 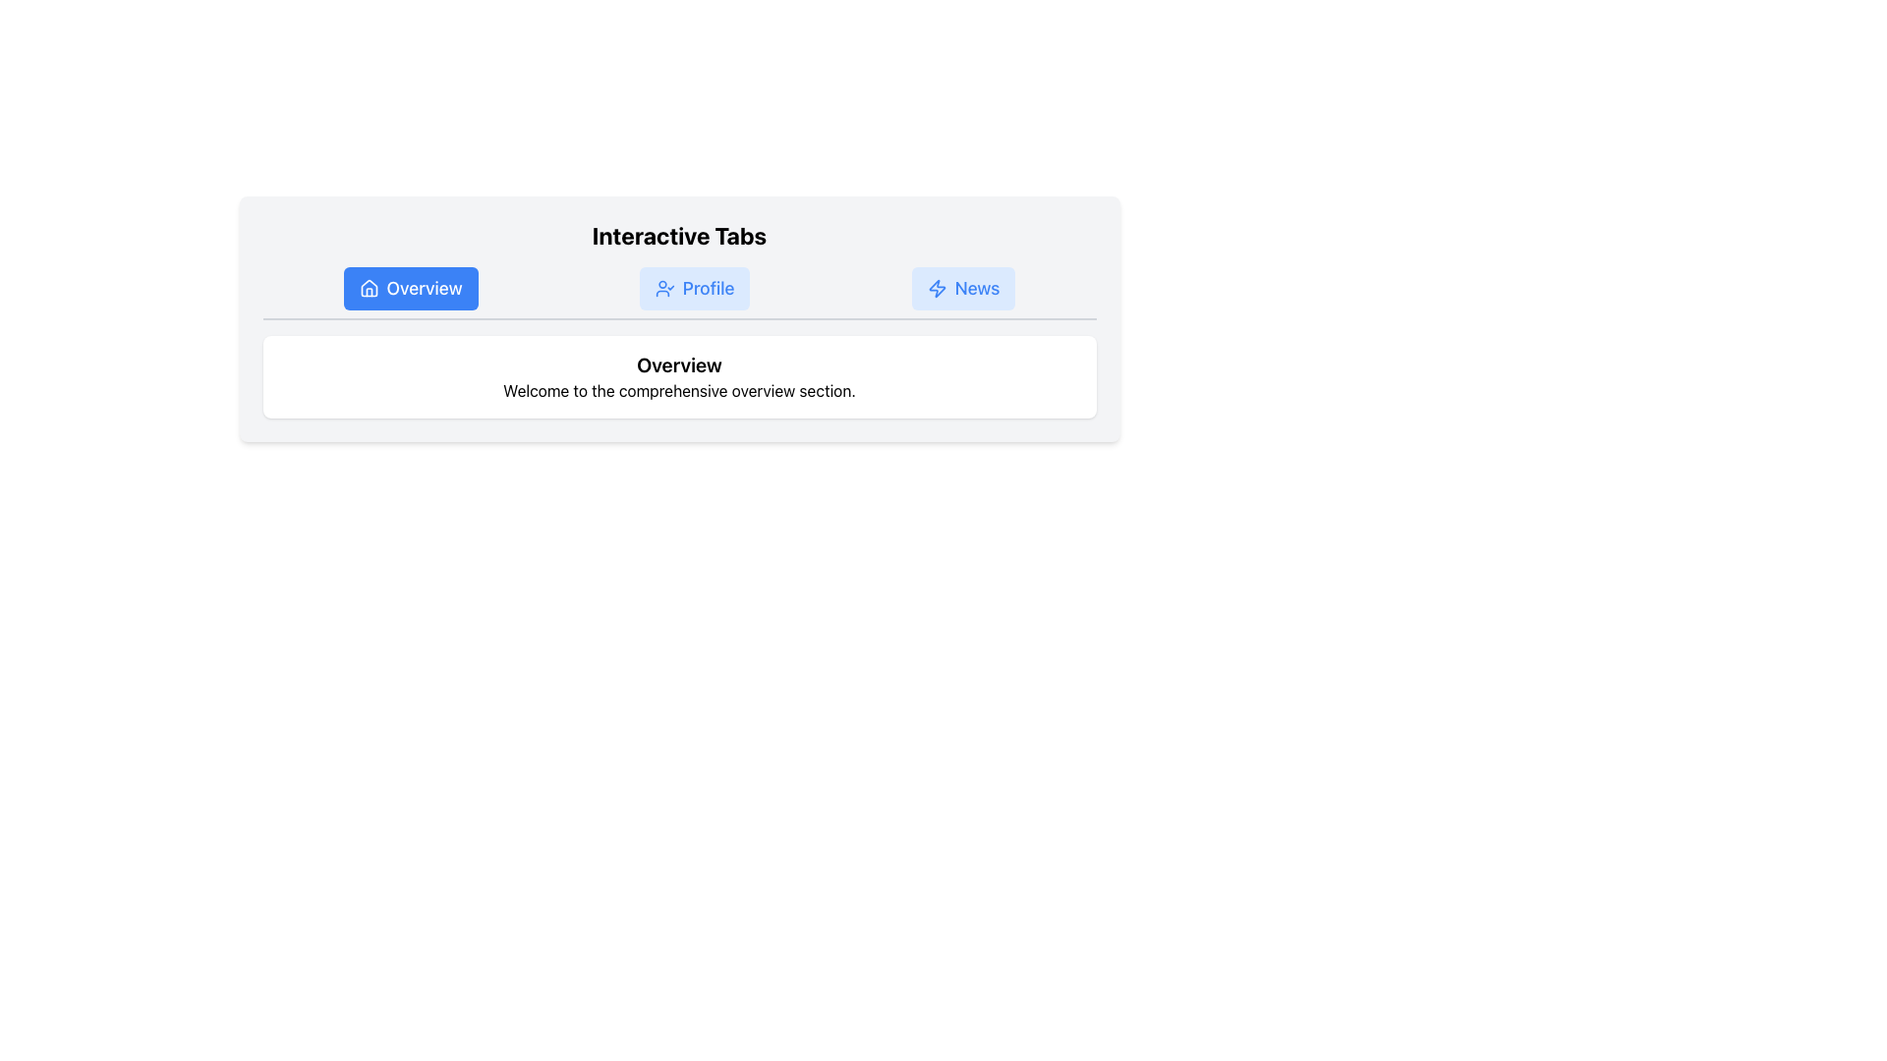 What do you see at coordinates (695, 288) in the screenshot?
I see `the 'Profile' navigation button located between the 'Overview' and 'News' buttons` at bounding box center [695, 288].